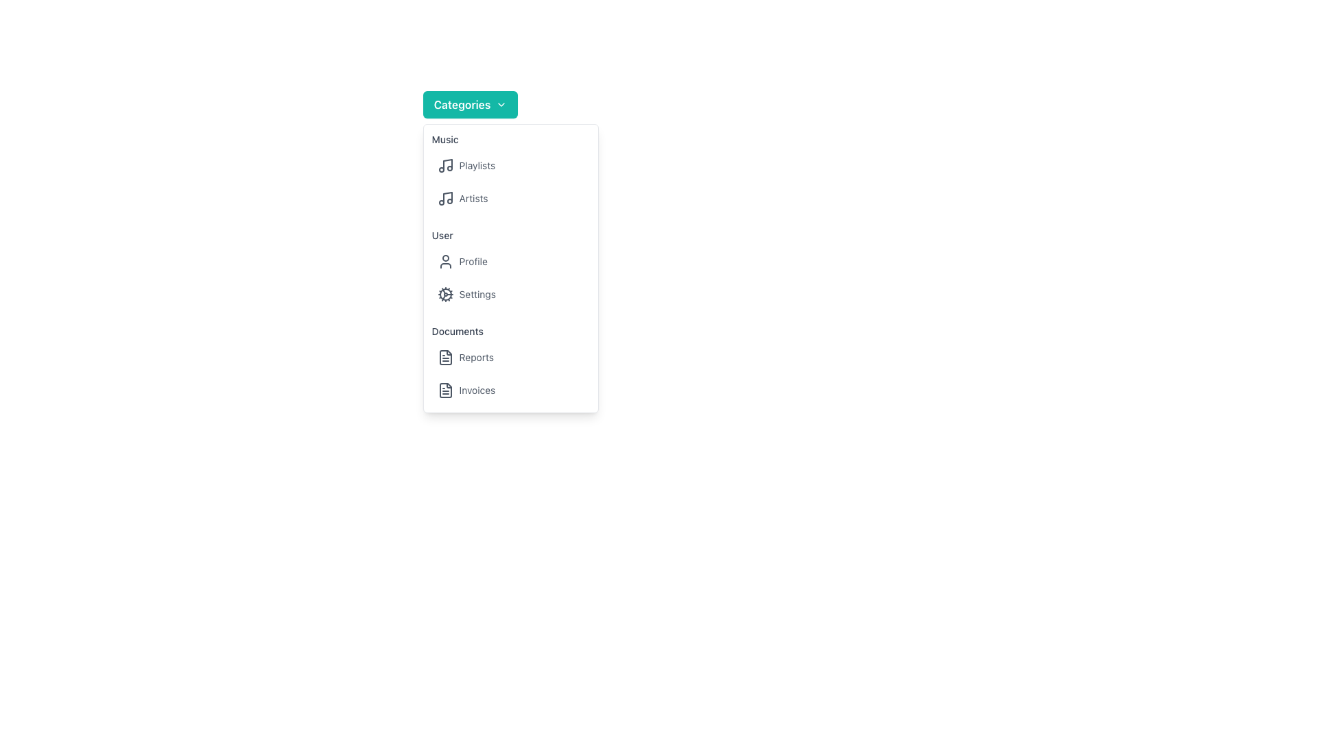  What do you see at coordinates (473, 198) in the screenshot?
I see `the text label reading 'Artists' located in the second item of the 'Music' section of the vertical menu, which is aligned next to a music icon` at bounding box center [473, 198].